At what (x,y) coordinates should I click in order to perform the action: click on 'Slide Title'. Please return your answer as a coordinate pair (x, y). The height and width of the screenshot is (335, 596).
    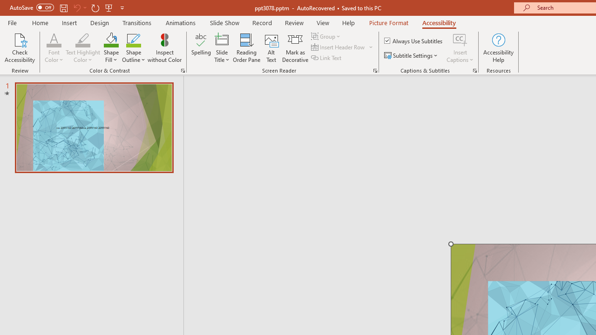
    Looking at the image, I should click on (221, 39).